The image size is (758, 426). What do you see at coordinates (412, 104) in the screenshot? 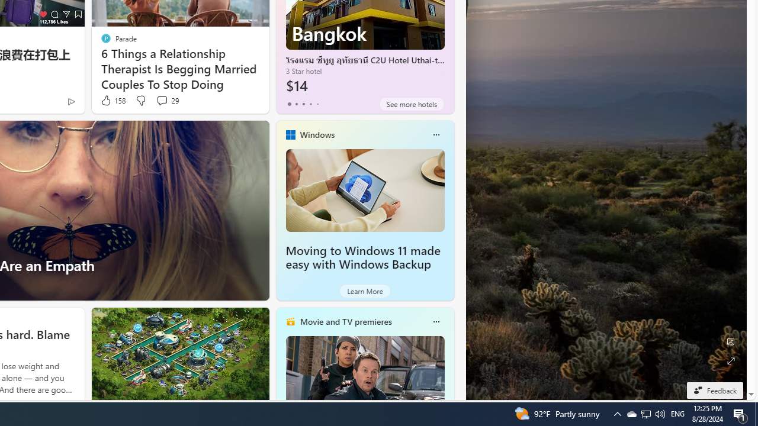
I see `'See more hotels'` at bounding box center [412, 104].